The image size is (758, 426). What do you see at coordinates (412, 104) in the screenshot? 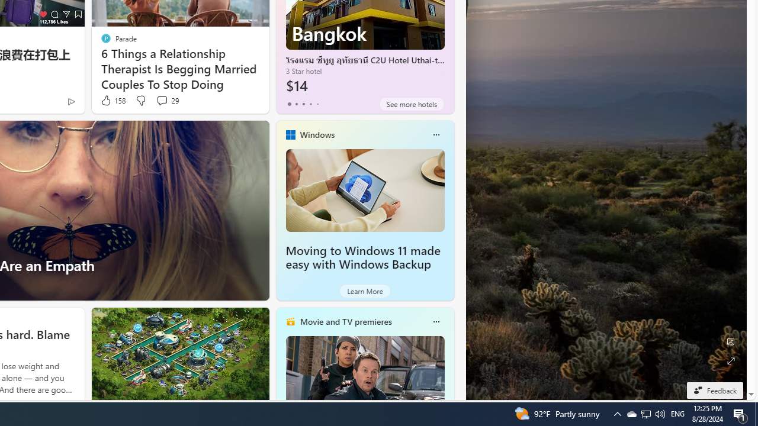
I see `'See more hotels'` at bounding box center [412, 104].